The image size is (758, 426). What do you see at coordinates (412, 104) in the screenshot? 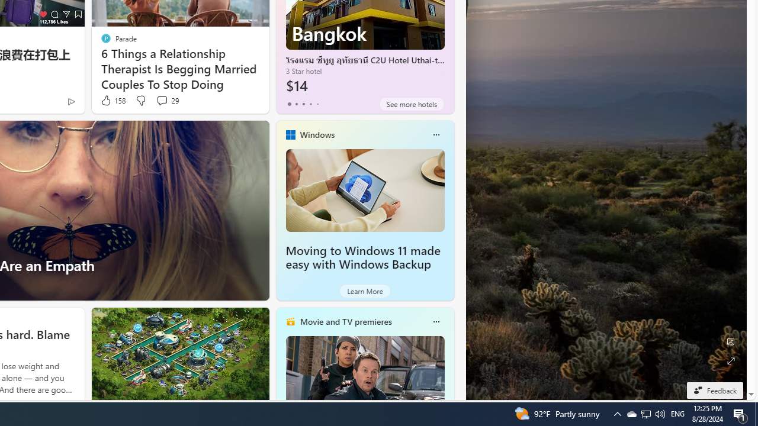
I see `'See more hotels'` at bounding box center [412, 104].